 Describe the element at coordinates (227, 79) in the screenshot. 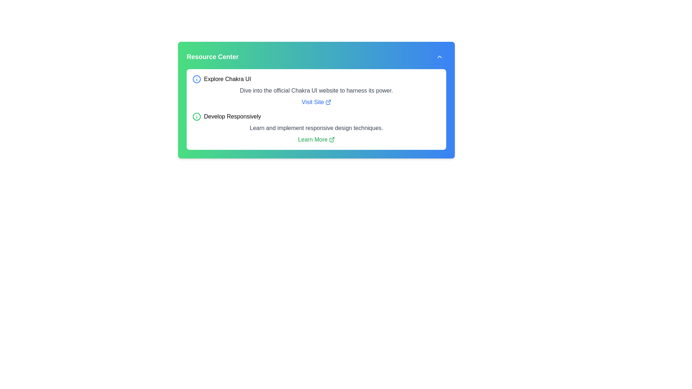

I see `the text element displaying 'Explore Chakra UI', which is styled in bold black font on a light background, located to the right of a blue circular icon with an 'i' symbol in the 'Resource Center' section` at that location.